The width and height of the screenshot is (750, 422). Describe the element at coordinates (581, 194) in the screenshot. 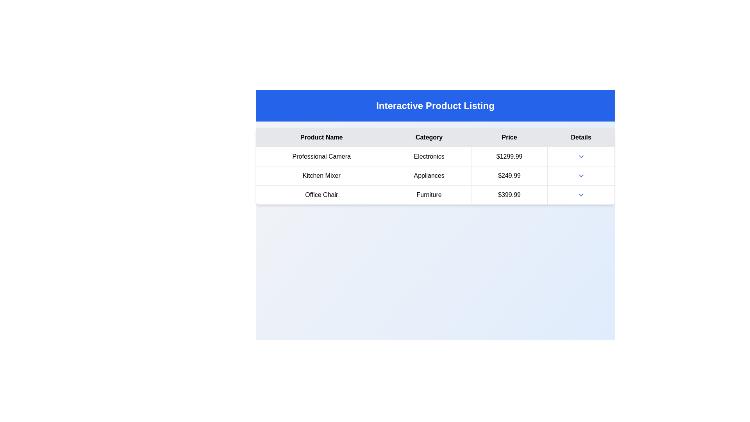

I see `the downward-facing blue triangle icon indicating a dropdown in the 'Details' column of the third row of the table` at that location.